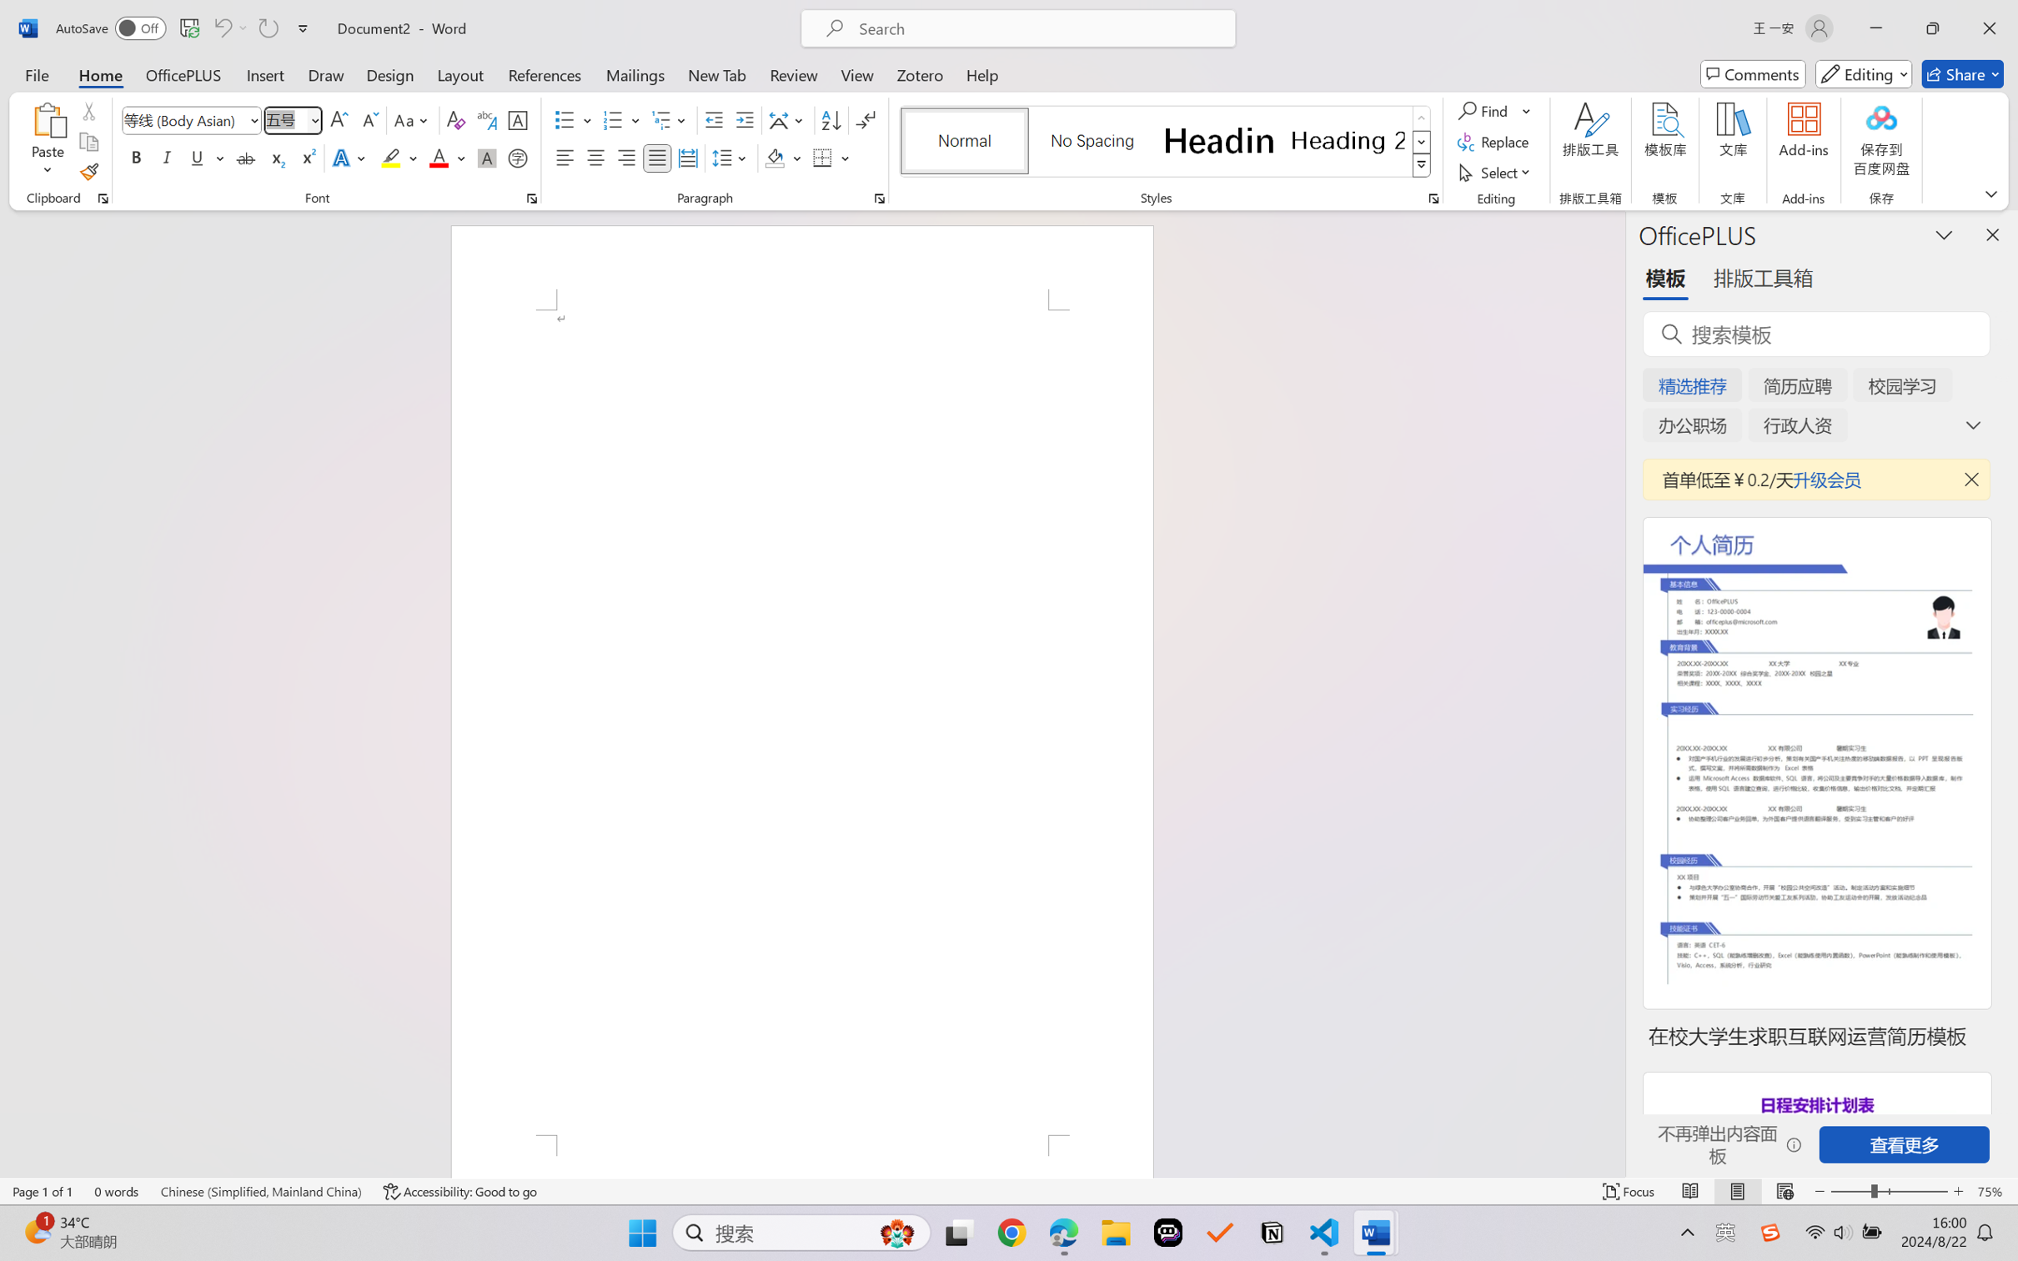  Describe the element at coordinates (1039, 28) in the screenshot. I see `'Microsoft search'` at that location.